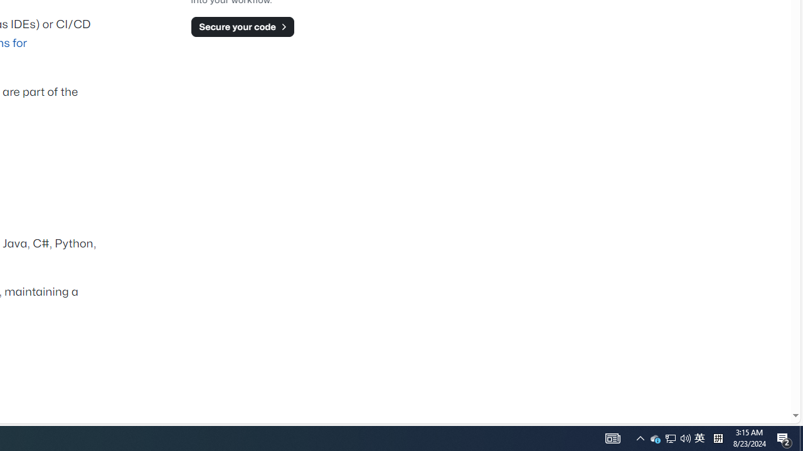 Image resolution: width=803 pixels, height=451 pixels. What do you see at coordinates (242, 26) in the screenshot?
I see `'Secure your code'` at bounding box center [242, 26].